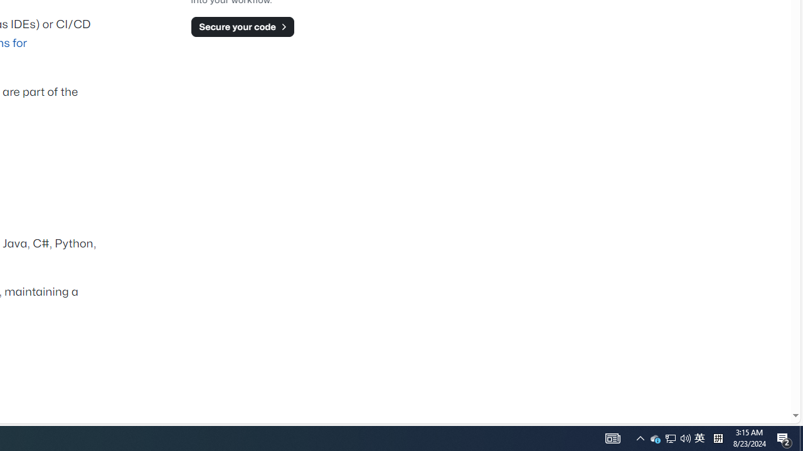 Image resolution: width=803 pixels, height=451 pixels. What do you see at coordinates (242, 26) in the screenshot?
I see `'Secure your code'` at bounding box center [242, 26].